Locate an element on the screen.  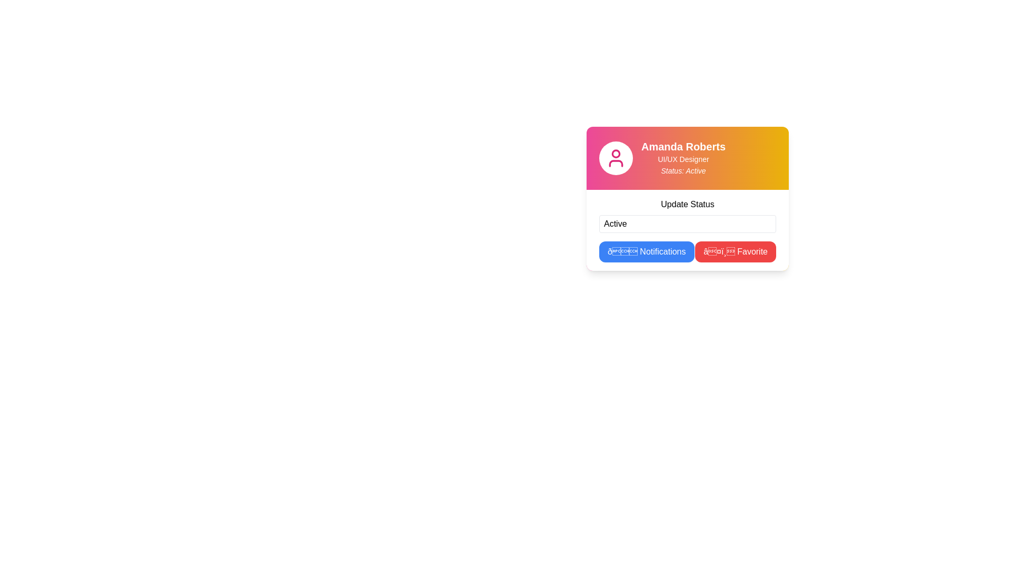
the static text label that displays 'Status: Active', which is positioned beneath the 'UI/UX Designer' text in the personal profile card is located at coordinates (683, 170).